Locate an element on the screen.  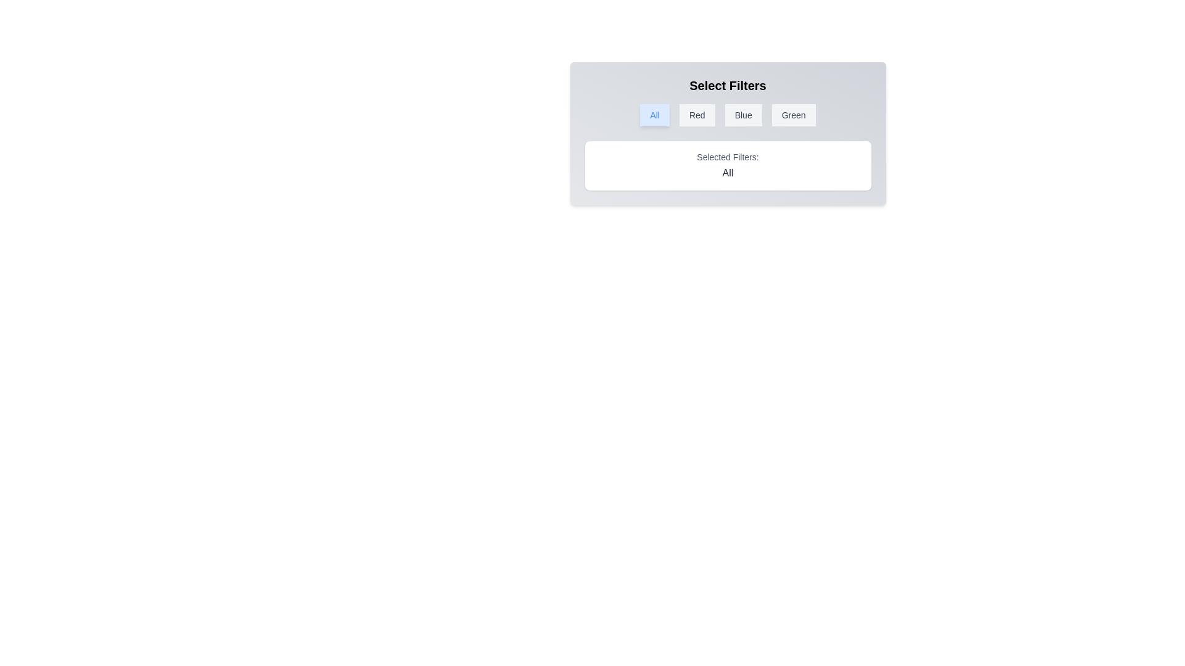
the filter button Green is located at coordinates (794, 115).